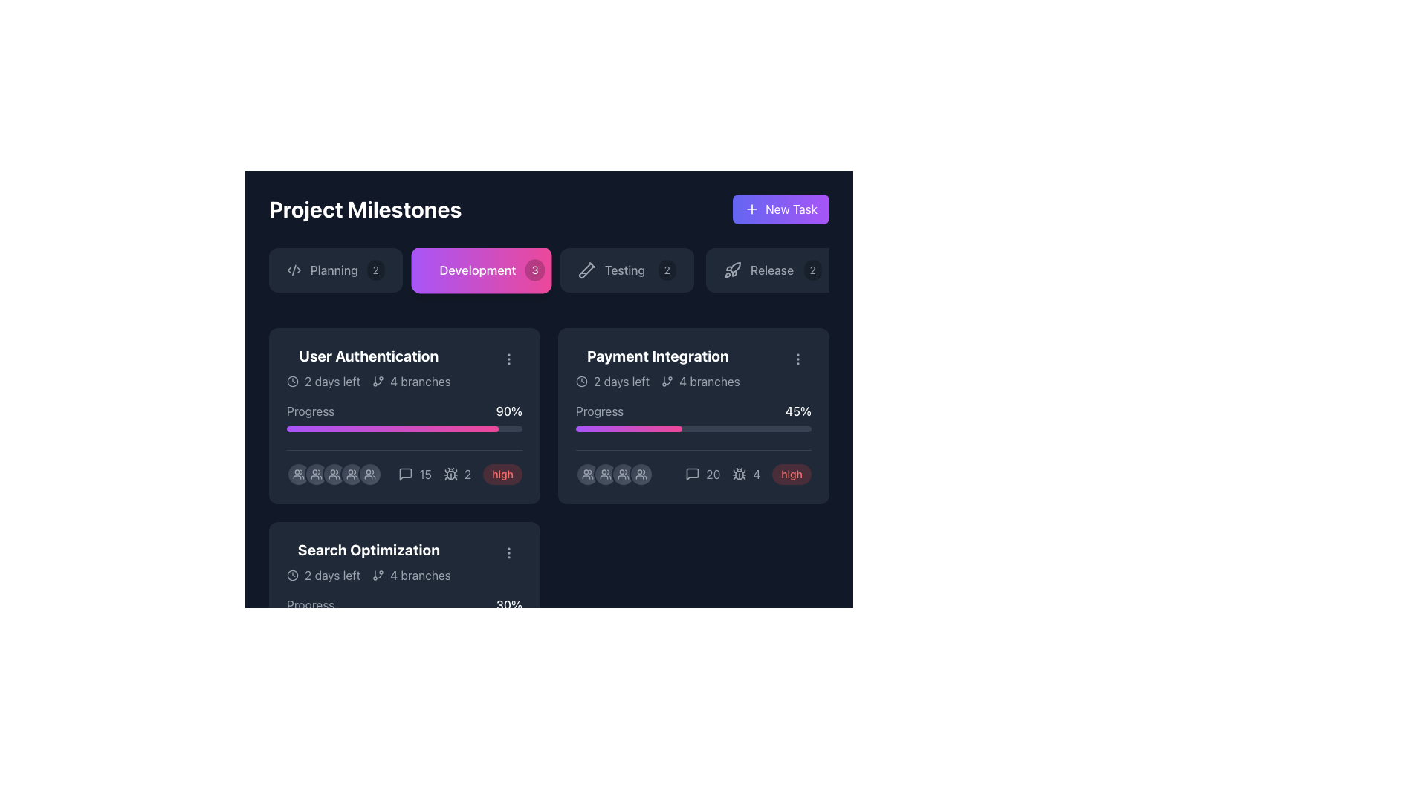 This screenshot has height=802, width=1427. What do you see at coordinates (509, 552) in the screenshot?
I see `the vertical ellipsis icon located in the bottom-right corner of the 'Search Optimization' card` at bounding box center [509, 552].